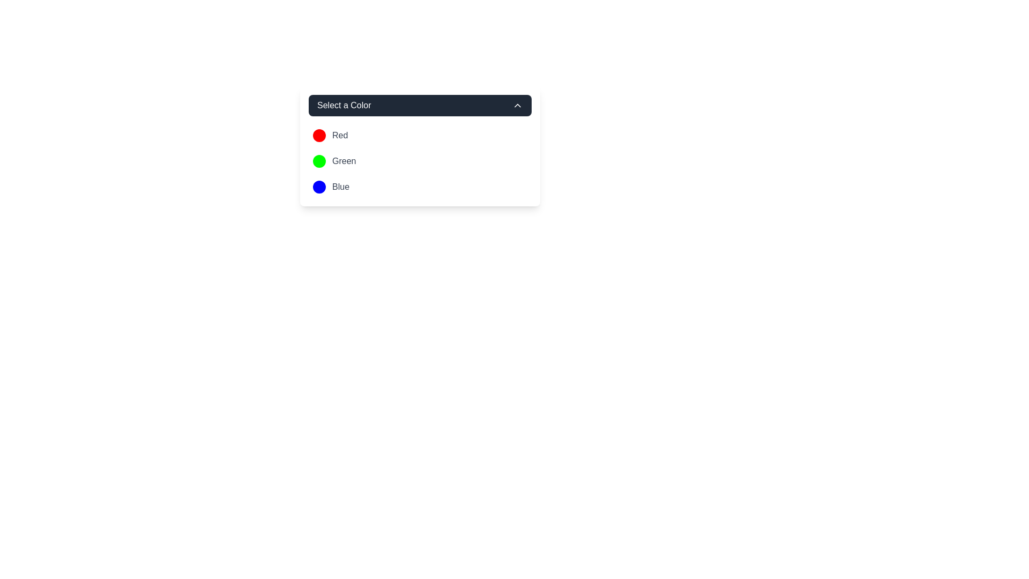 Image resolution: width=1029 pixels, height=579 pixels. I want to click on the small up-pointing chevron icon located on the right end of the dropdown header next to the text 'Select a Color' for potential visual feedback, so click(517, 105).